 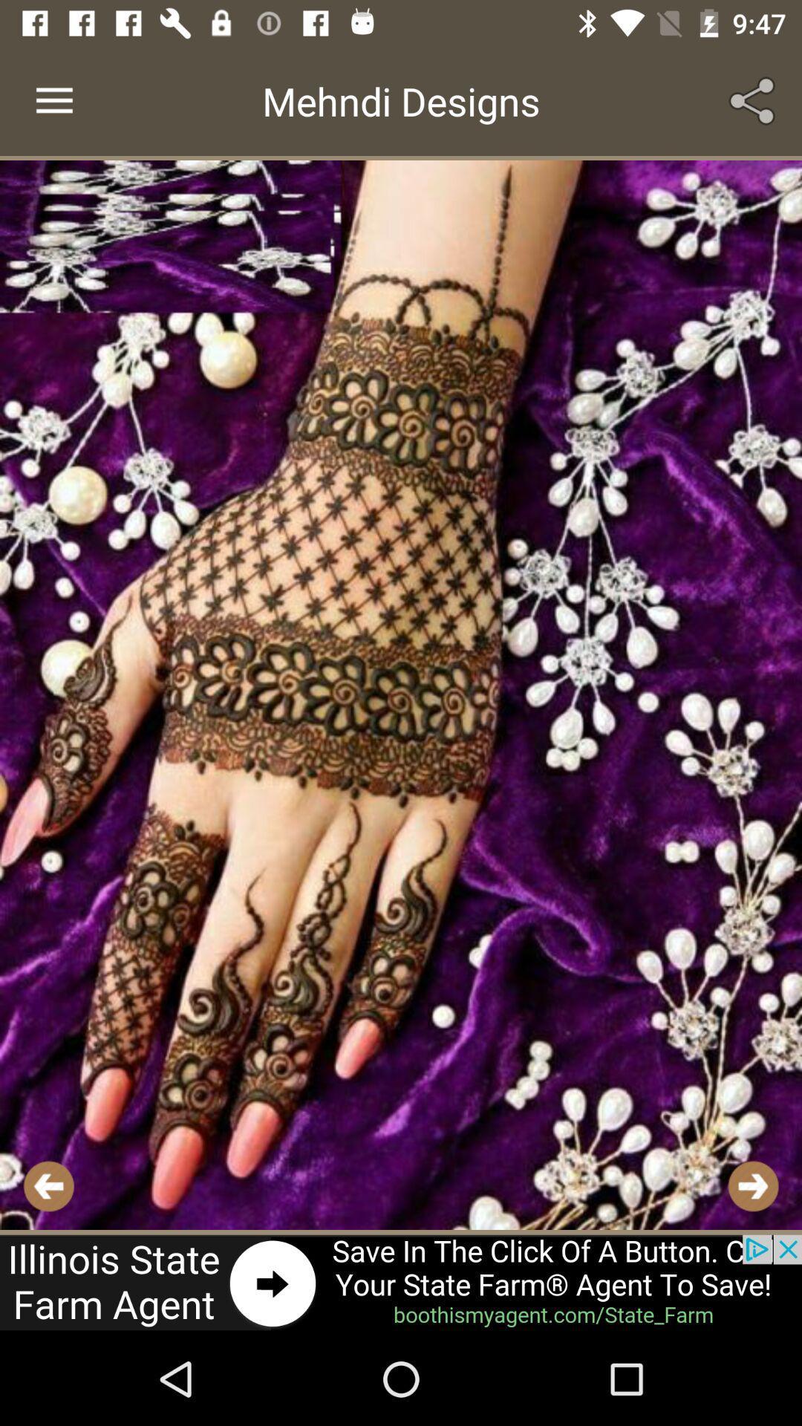 I want to click on description, so click(x=401, y=694).